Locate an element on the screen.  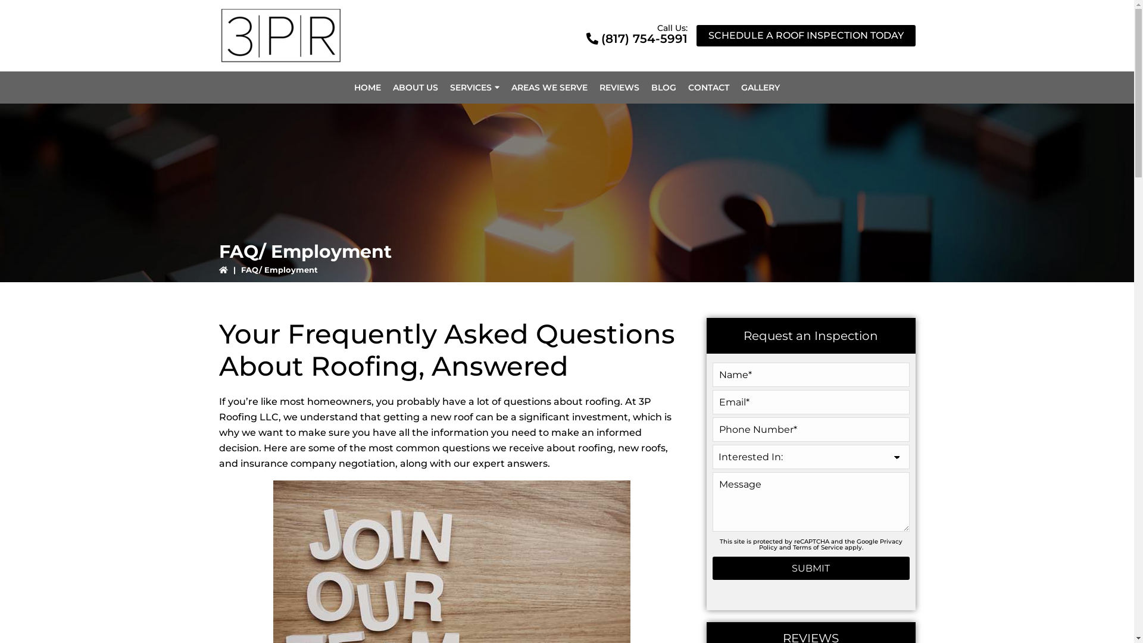
'Privacy Policy' is located at coordinates (829, 544).